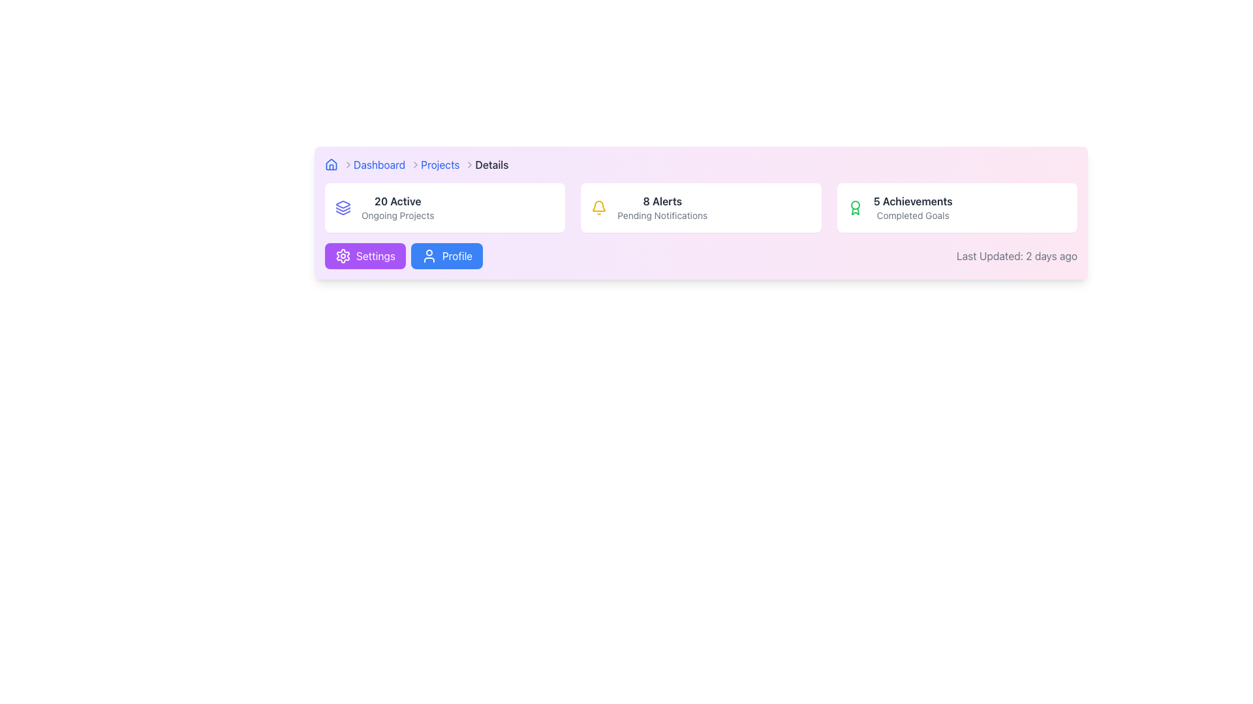  What do you see at coordinates (662, 215) in the screenshot?
I see `the 'Pending Notifications' text label, which is styled with a smaller font size and muted gray color, located beneath the '8 Alerts' text` at bounding box center [662, 215].